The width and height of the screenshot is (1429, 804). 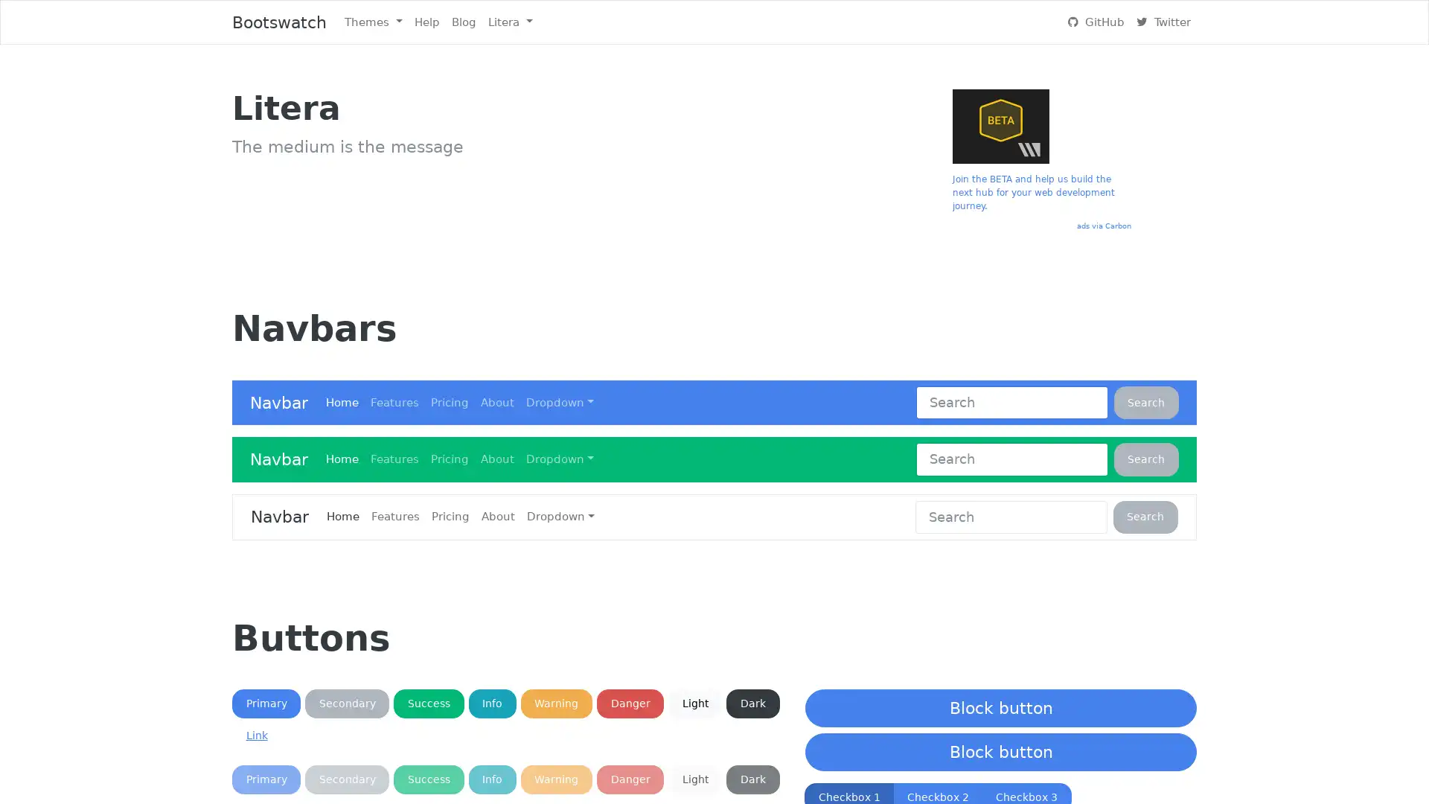 What do you see at coordinates (694, 703) in the screenshot?
I see `Light` at bounding box center [694, 703].